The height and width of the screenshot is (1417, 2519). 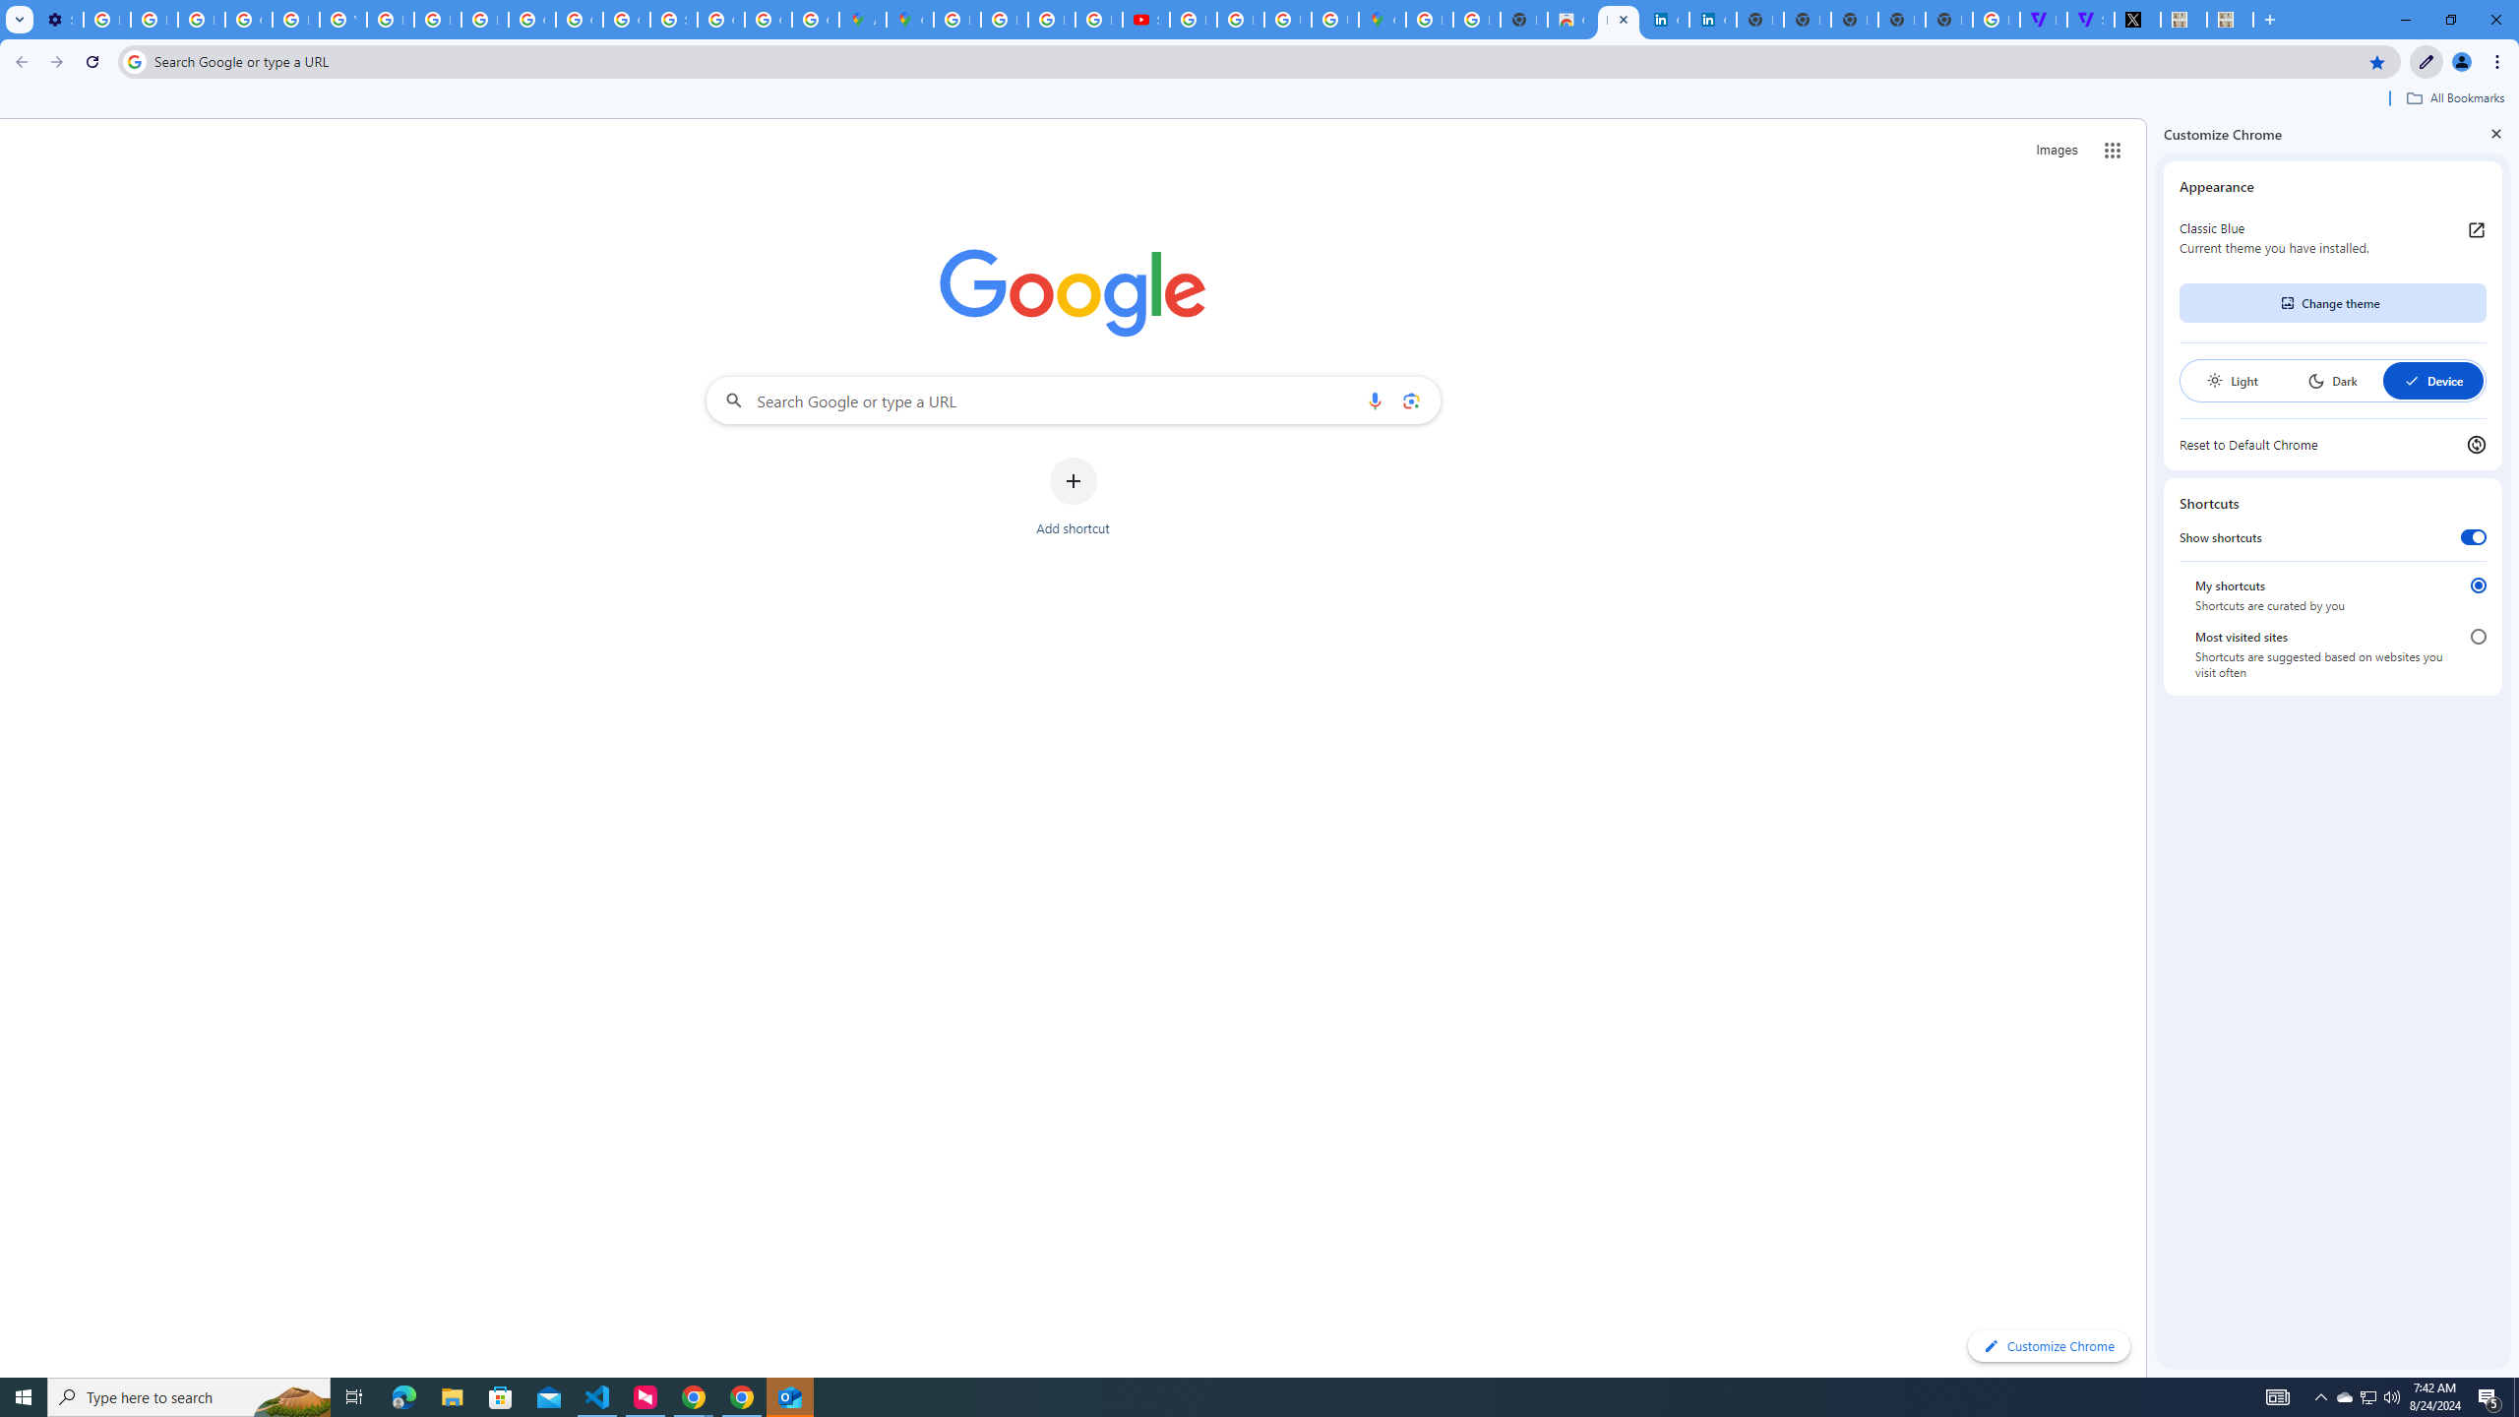 I want to click on 'Dark', so click(x=2331, y=380).